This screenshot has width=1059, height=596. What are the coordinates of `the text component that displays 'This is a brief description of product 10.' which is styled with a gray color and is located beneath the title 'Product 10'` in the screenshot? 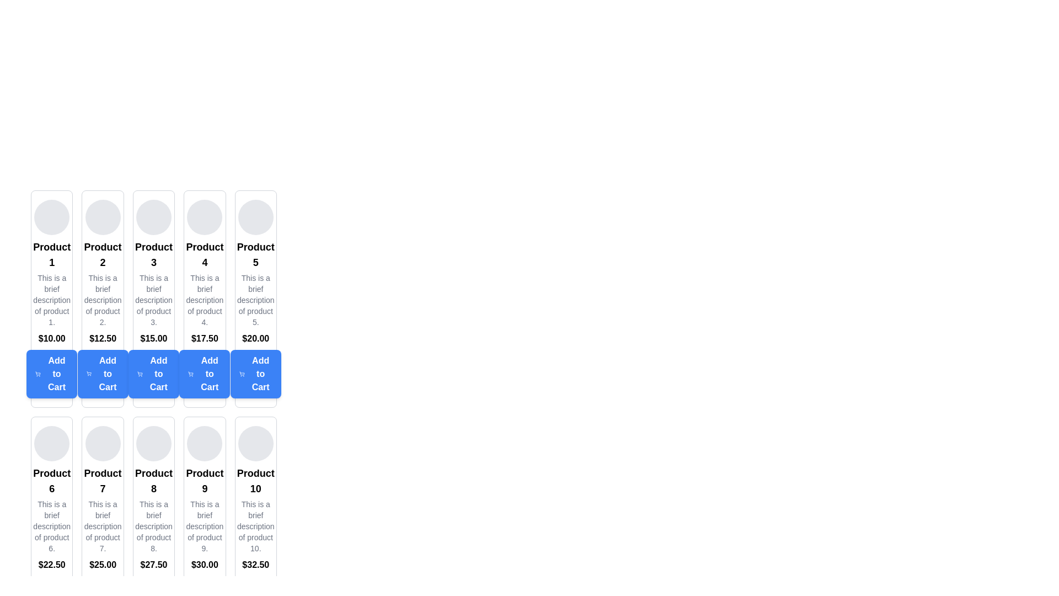 It's located at (255, 525).